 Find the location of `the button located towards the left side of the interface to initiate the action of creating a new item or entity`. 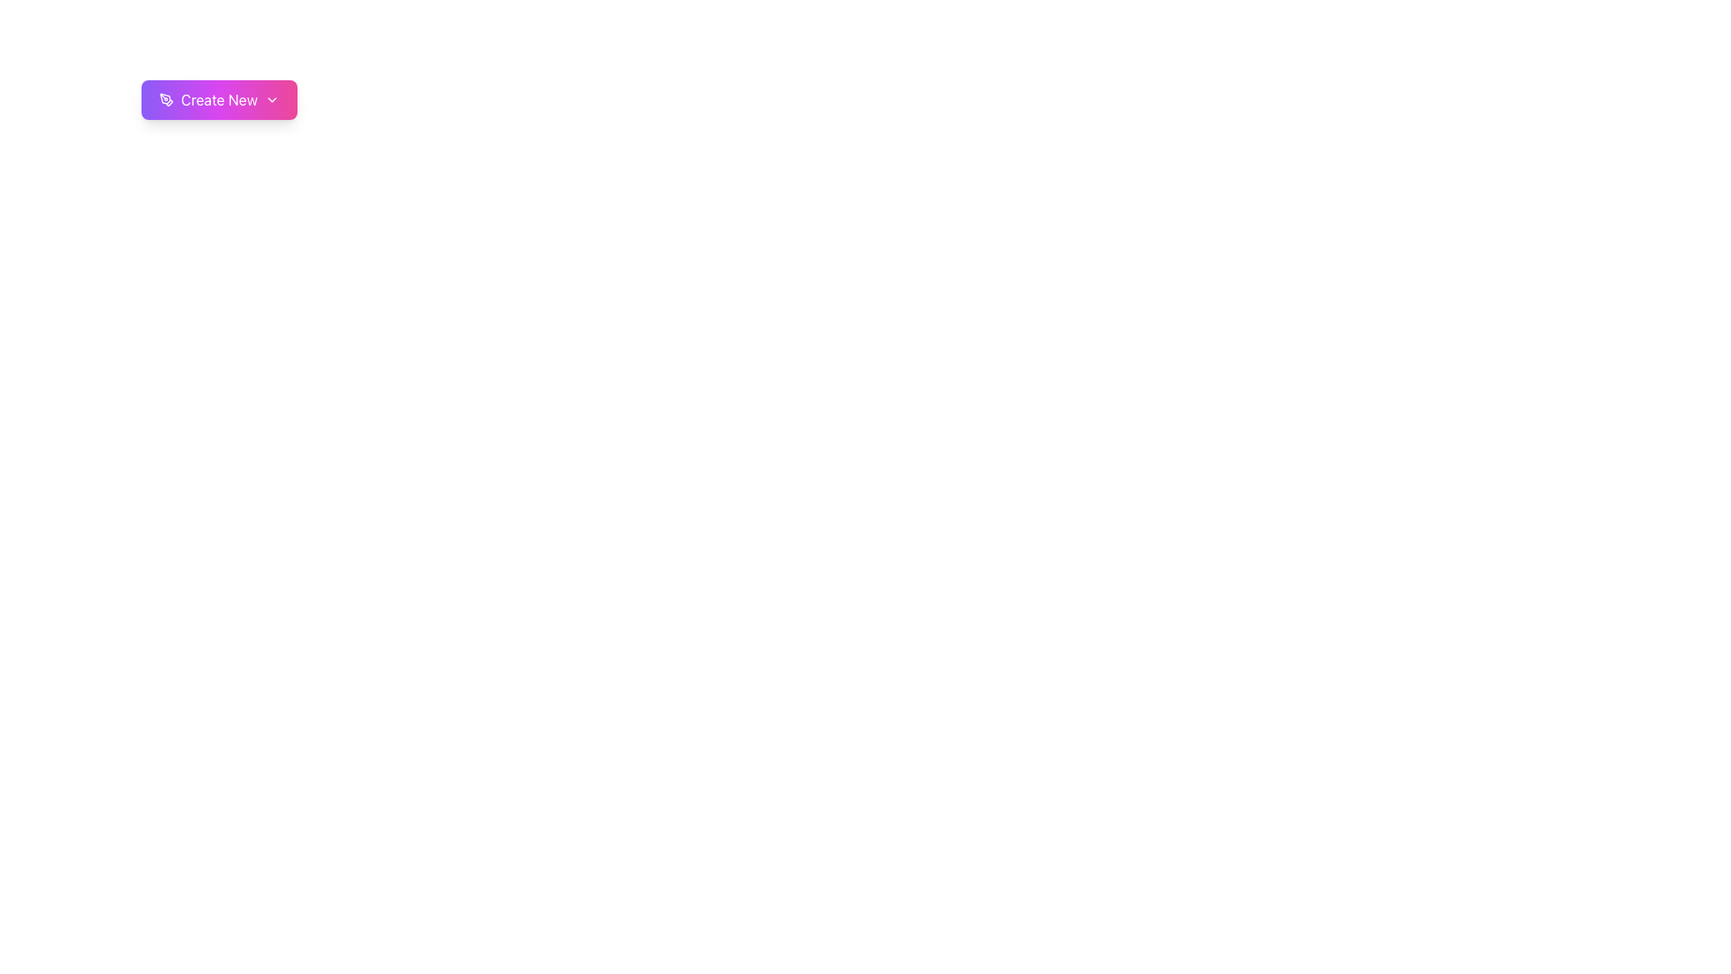

the button located towards the left side of the interface to initiate the action of creating a new item or entity is located at coordinates (218, 100).